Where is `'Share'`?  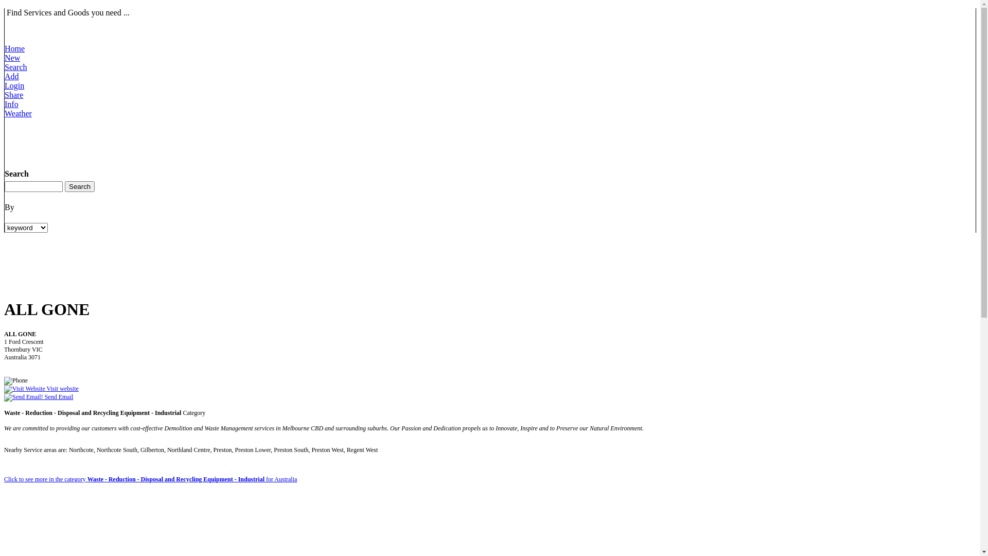
'Share' is located at coordinates (5, 99).